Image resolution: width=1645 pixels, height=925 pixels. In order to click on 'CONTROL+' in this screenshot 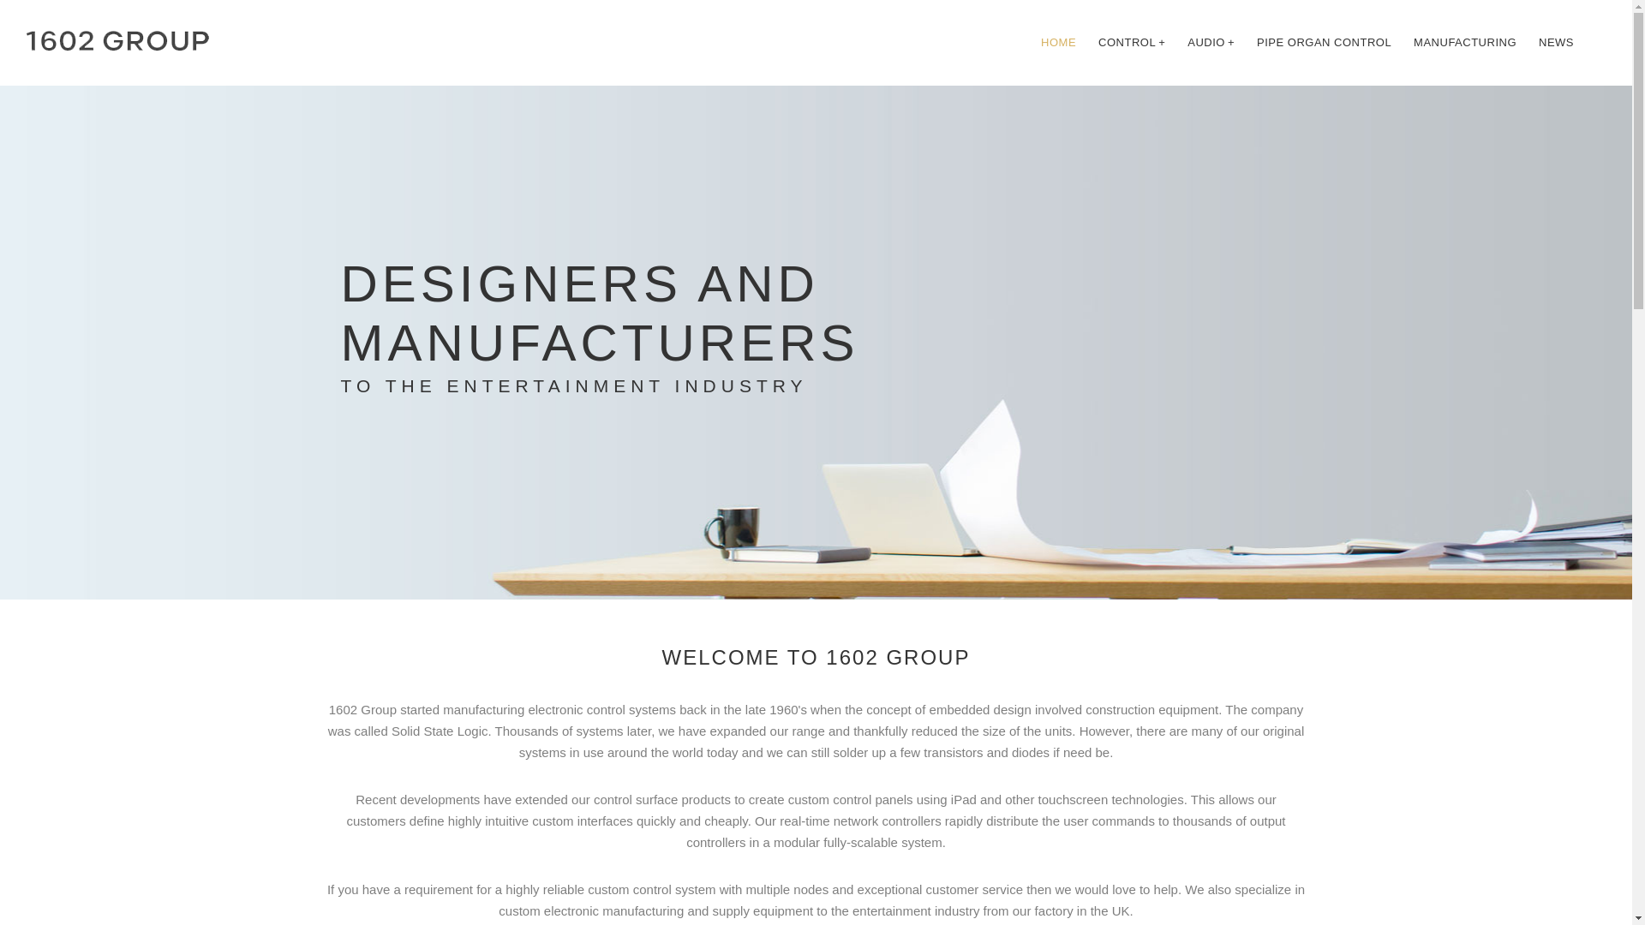, I will do `click(1087, 42)`.